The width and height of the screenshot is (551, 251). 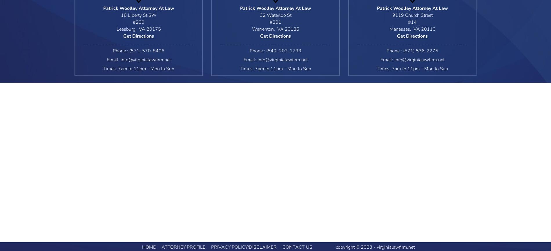 What do you see at coordinates (420, 51) in the screenshot?
I see `'(571) 536-2275'` at bounding box center [420, 51].